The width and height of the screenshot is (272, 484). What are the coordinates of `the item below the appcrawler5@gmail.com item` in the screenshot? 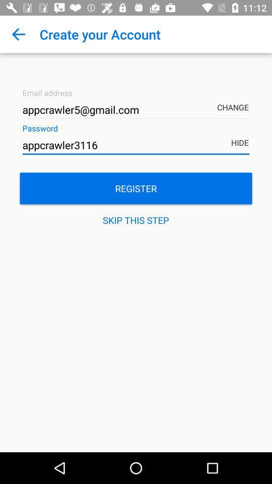 It's located at (136, 145).